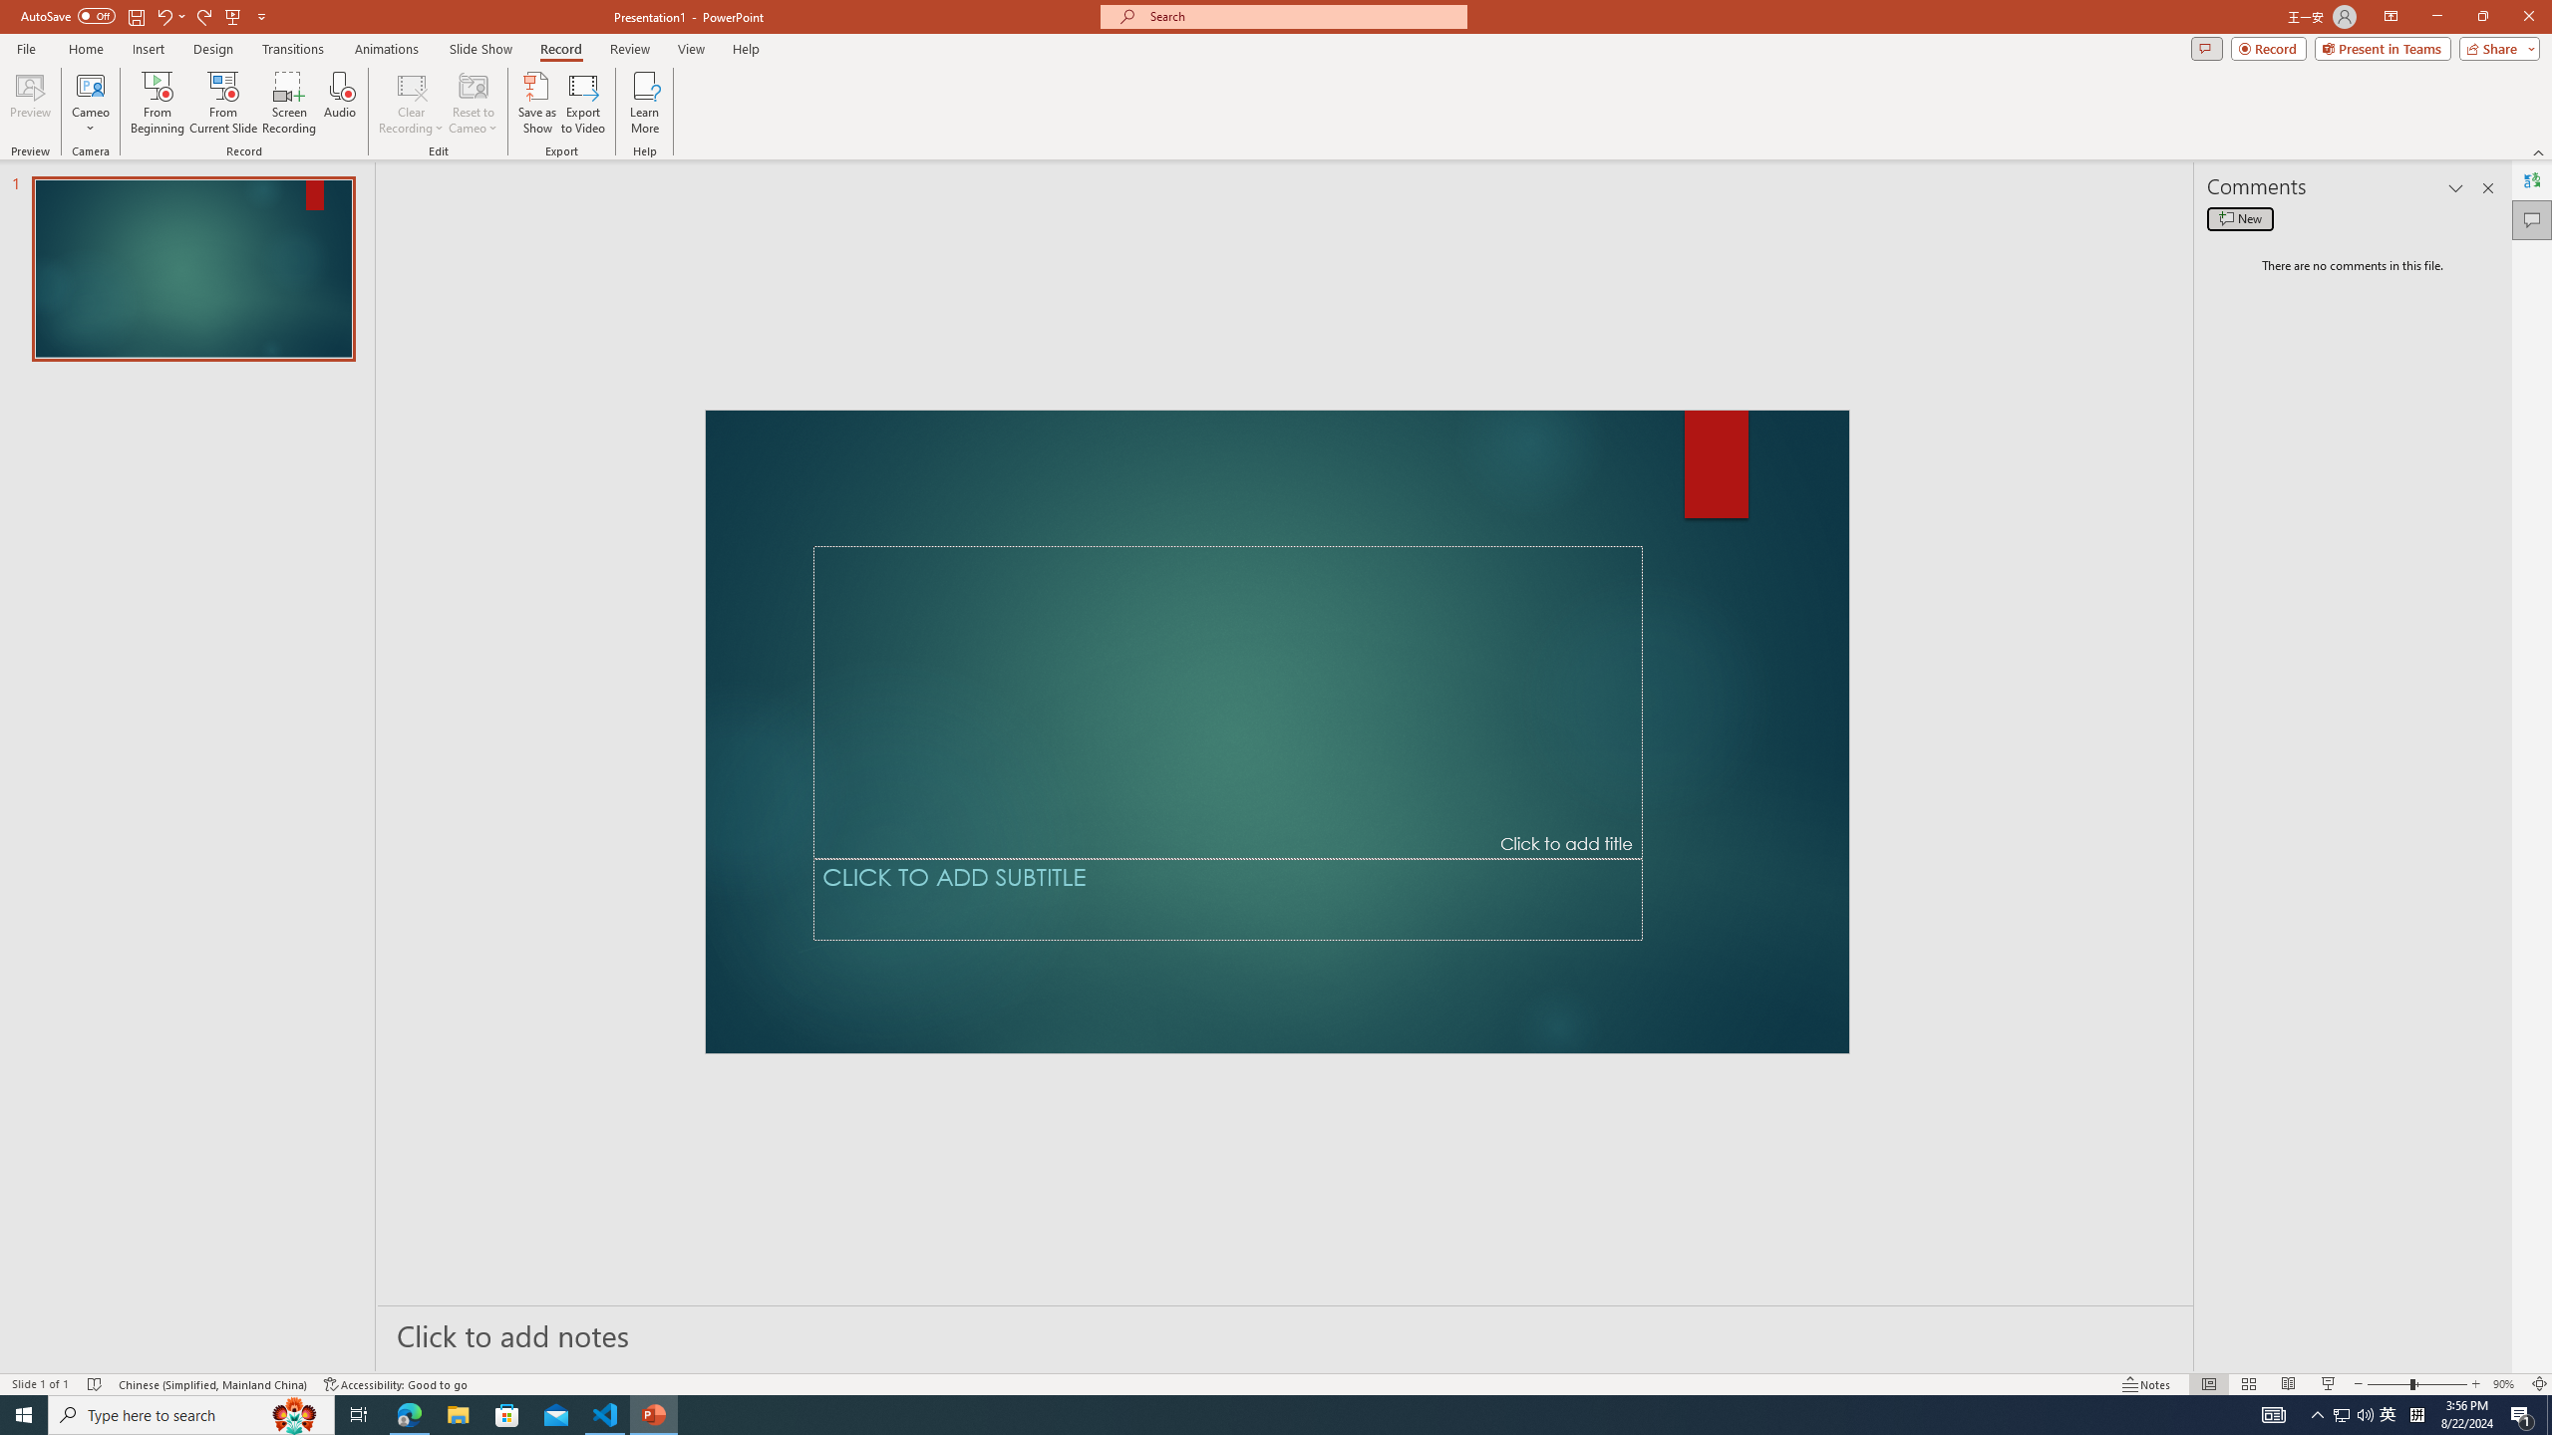 The image size is (2552, 1435). What do you see at coordinates (156, 103) in the screenshot?
I see `'From Beginning...'` at bounding box center [156, 103].